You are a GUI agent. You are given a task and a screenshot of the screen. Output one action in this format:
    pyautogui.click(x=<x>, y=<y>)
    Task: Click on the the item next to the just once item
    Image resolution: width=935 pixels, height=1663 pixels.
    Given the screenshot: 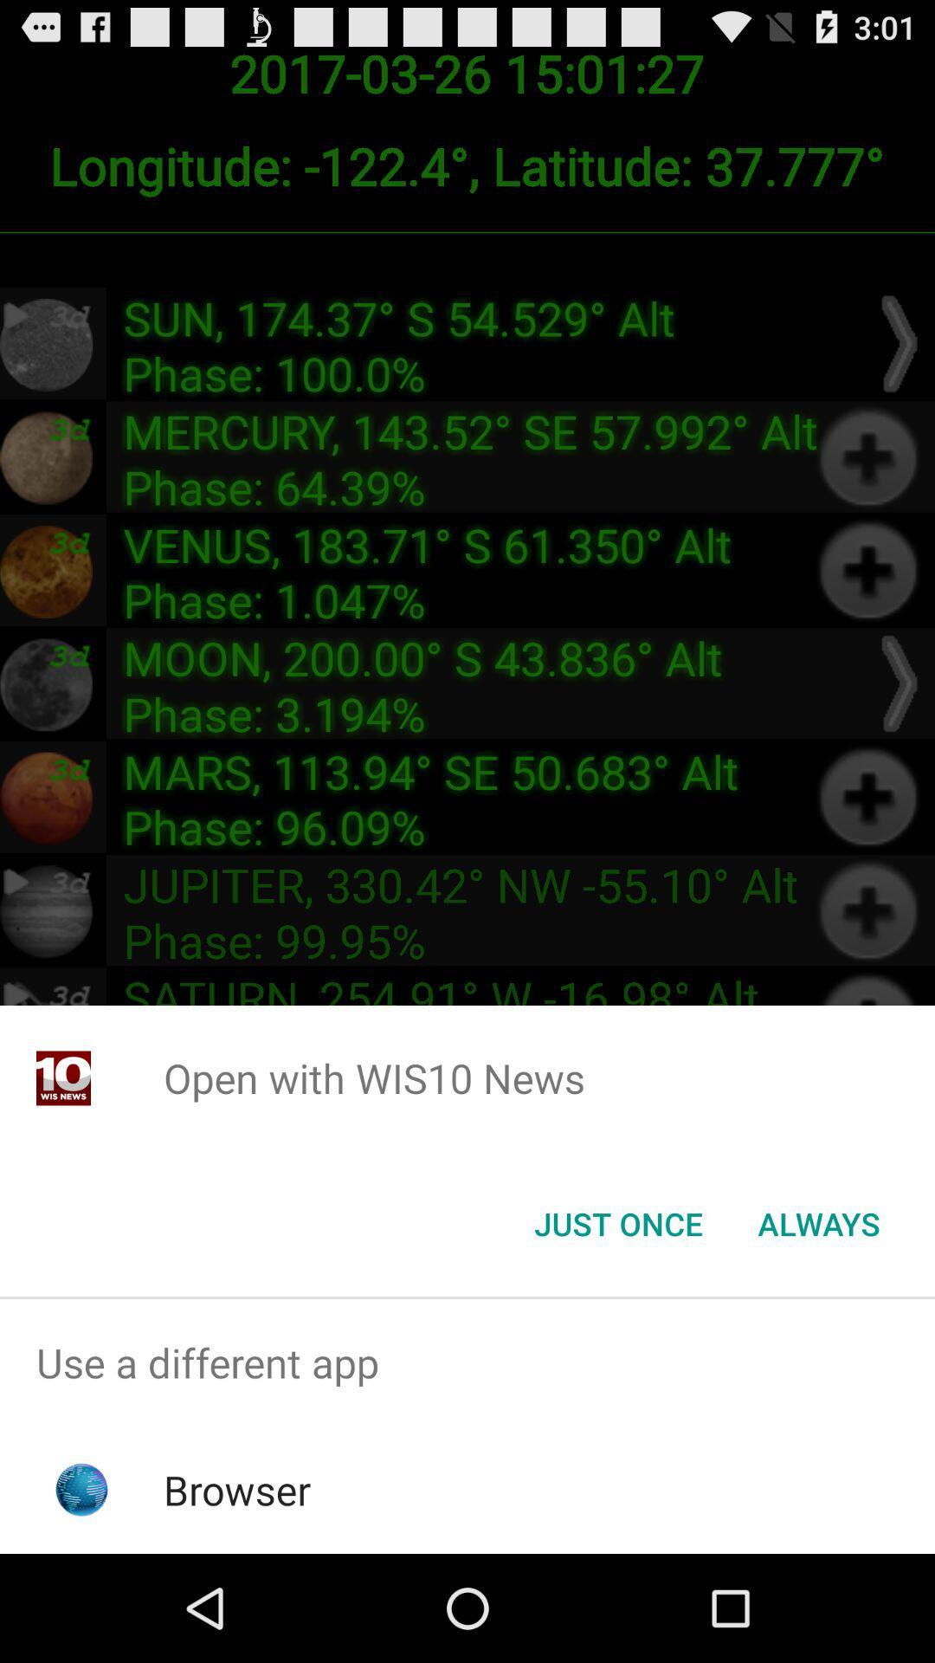 What is the action you would take?
    pyautogui.click(x=818, y=1222)
    